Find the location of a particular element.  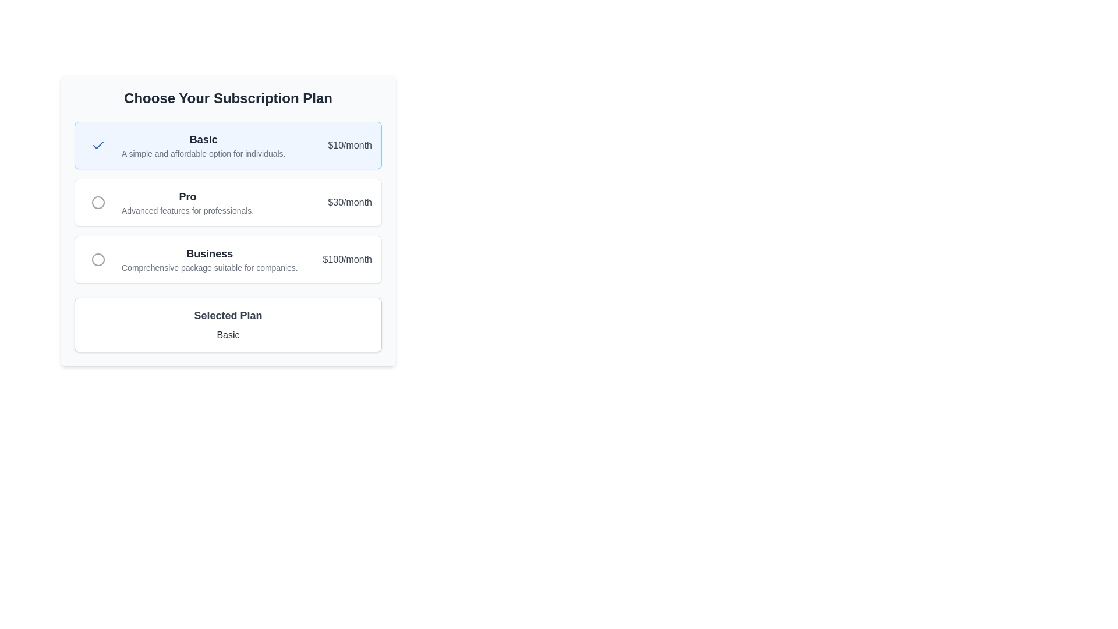

the unselected radio button represented by a Circle in the SVG graphic within the Pro option row of the subscription selection interface is located at coordinates (98, 202).